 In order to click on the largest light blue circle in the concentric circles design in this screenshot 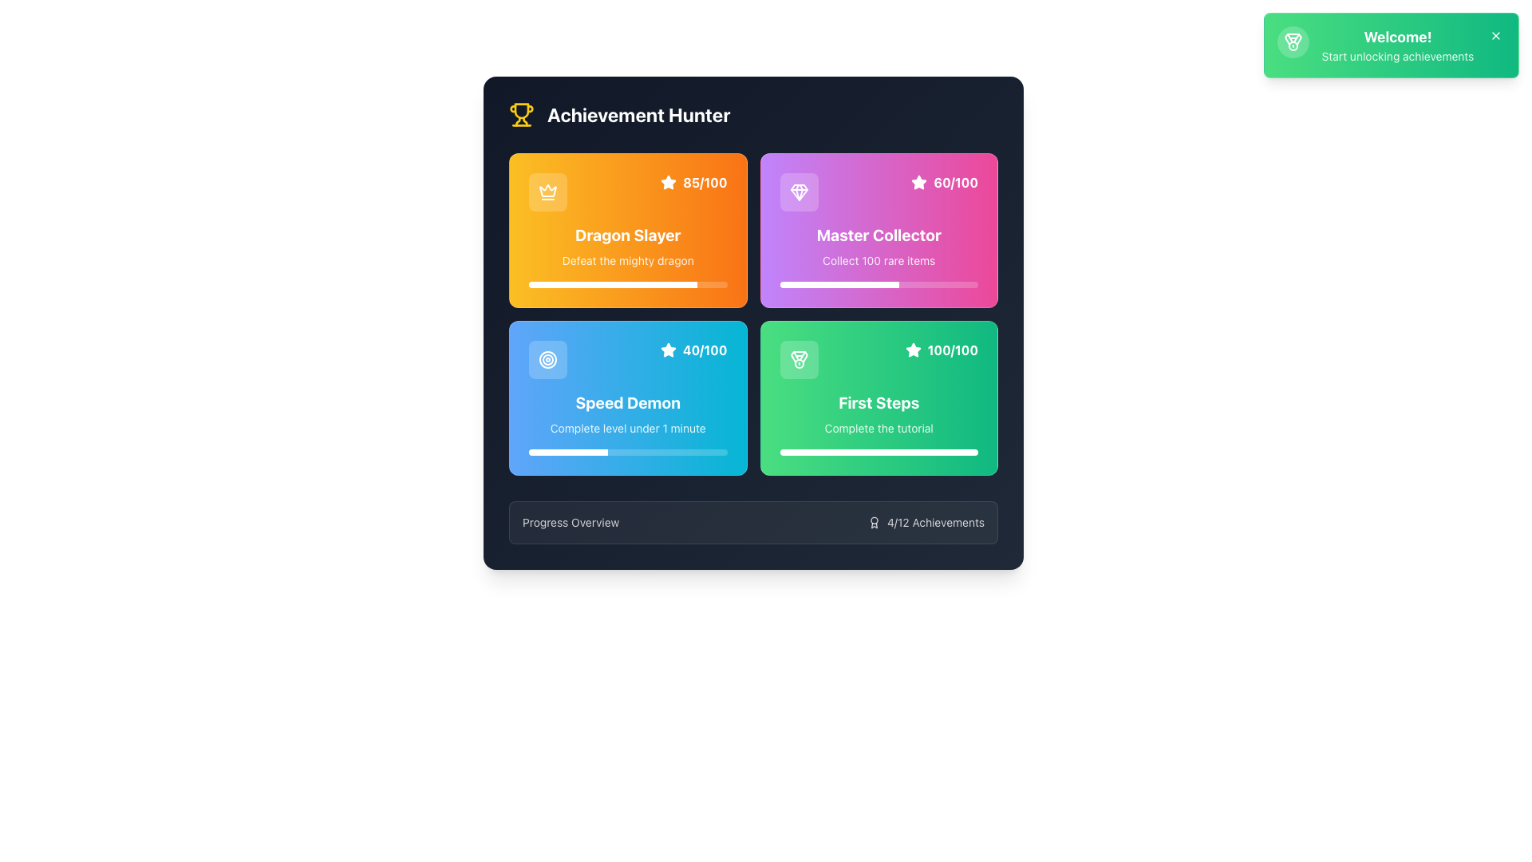, I will do `click(547, 360)`.